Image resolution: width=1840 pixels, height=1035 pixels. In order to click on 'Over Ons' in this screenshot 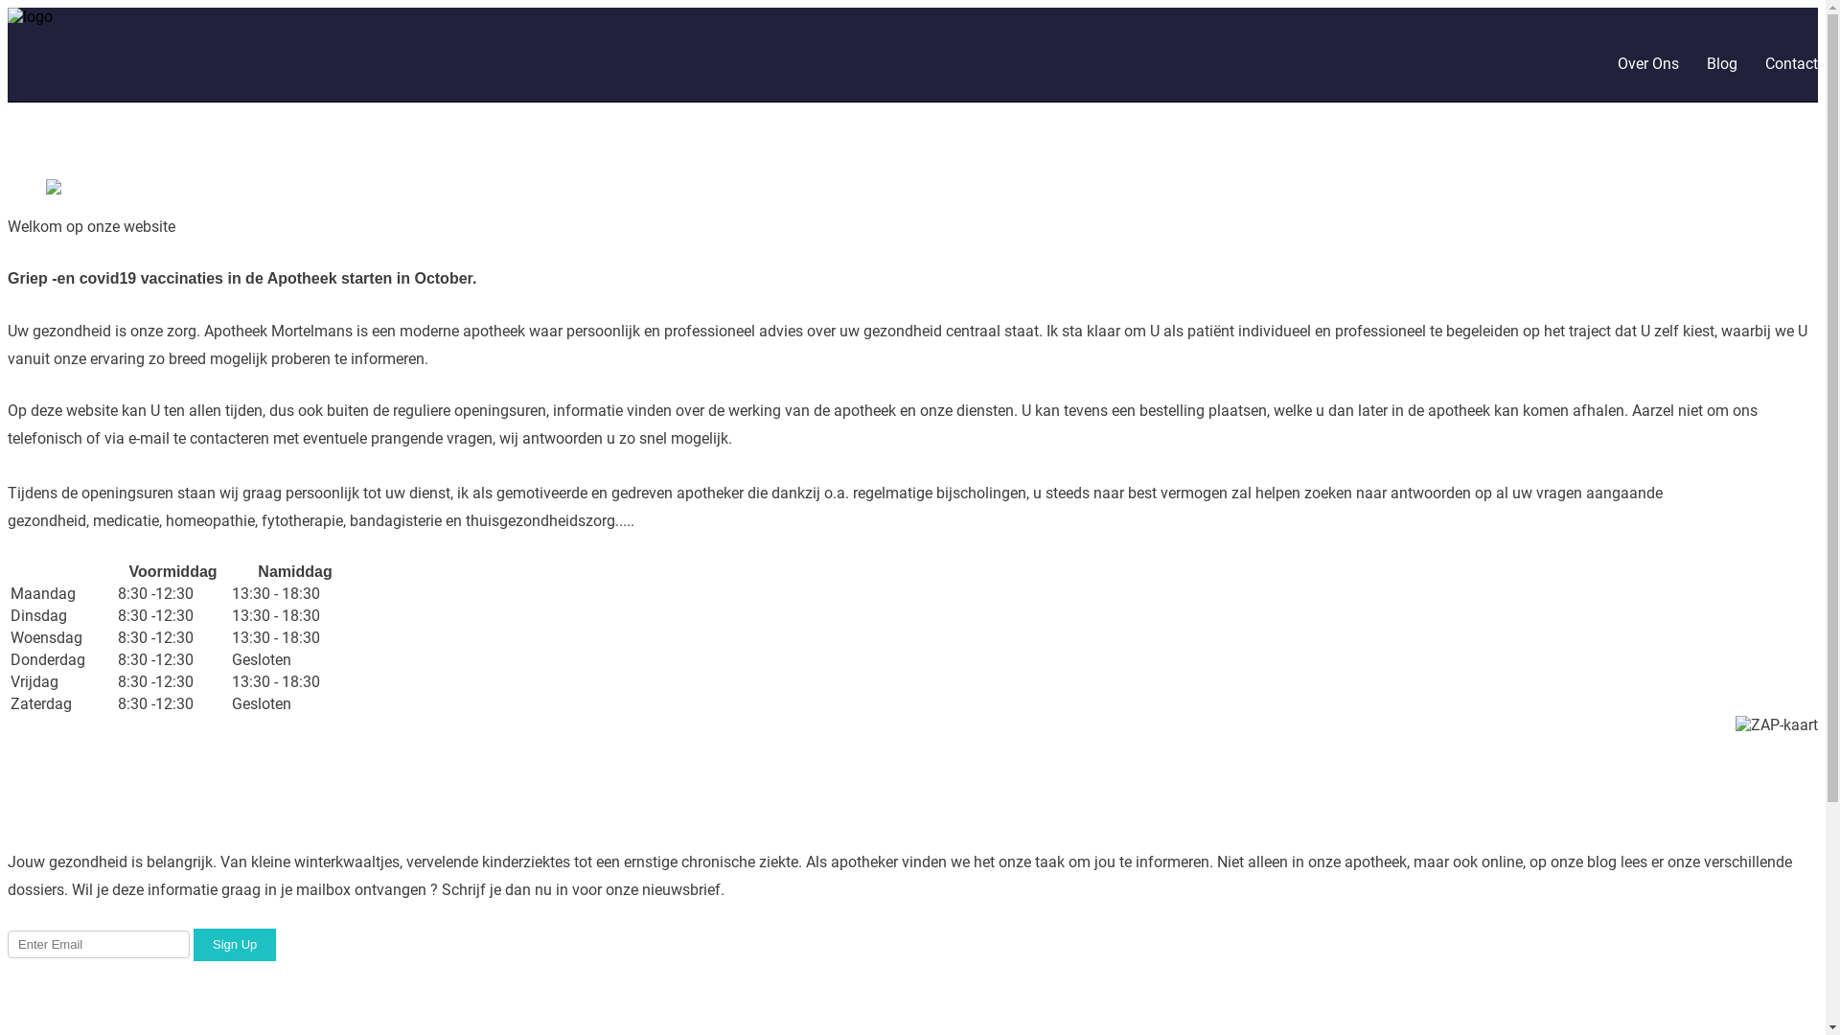, I will do `click(1646, 62)`.